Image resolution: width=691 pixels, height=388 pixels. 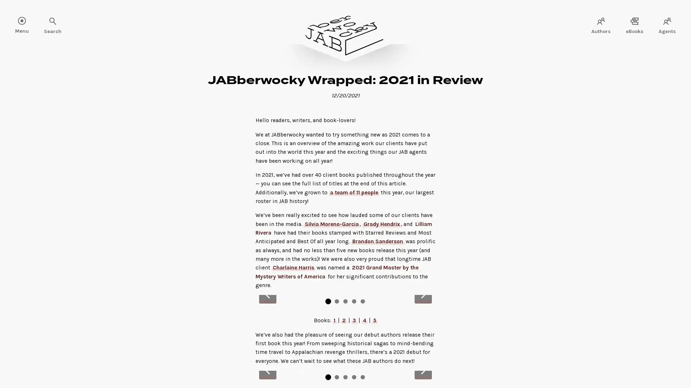 What do you see at coordinates (337, 301) in the screenshot?
I see `Go to slide 2` at bounding box center [337, 301].